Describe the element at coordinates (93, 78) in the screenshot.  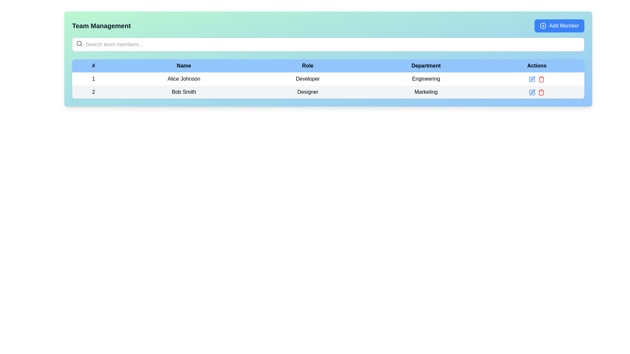
I see `to select the numeral '1' in the leftmost cell of the first row of the table` at that location.